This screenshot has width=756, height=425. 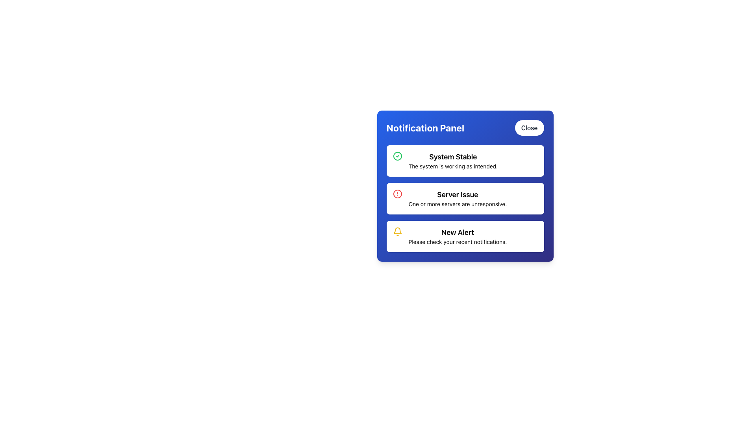 What do you see at coordinates (453, 157) in the screenshot?
I see `status message text indicating that the system is stable and functioning normally, located in the Notification Panel above the descriptive text 'The system is working as intended.'` at bounding box center [453, 157].